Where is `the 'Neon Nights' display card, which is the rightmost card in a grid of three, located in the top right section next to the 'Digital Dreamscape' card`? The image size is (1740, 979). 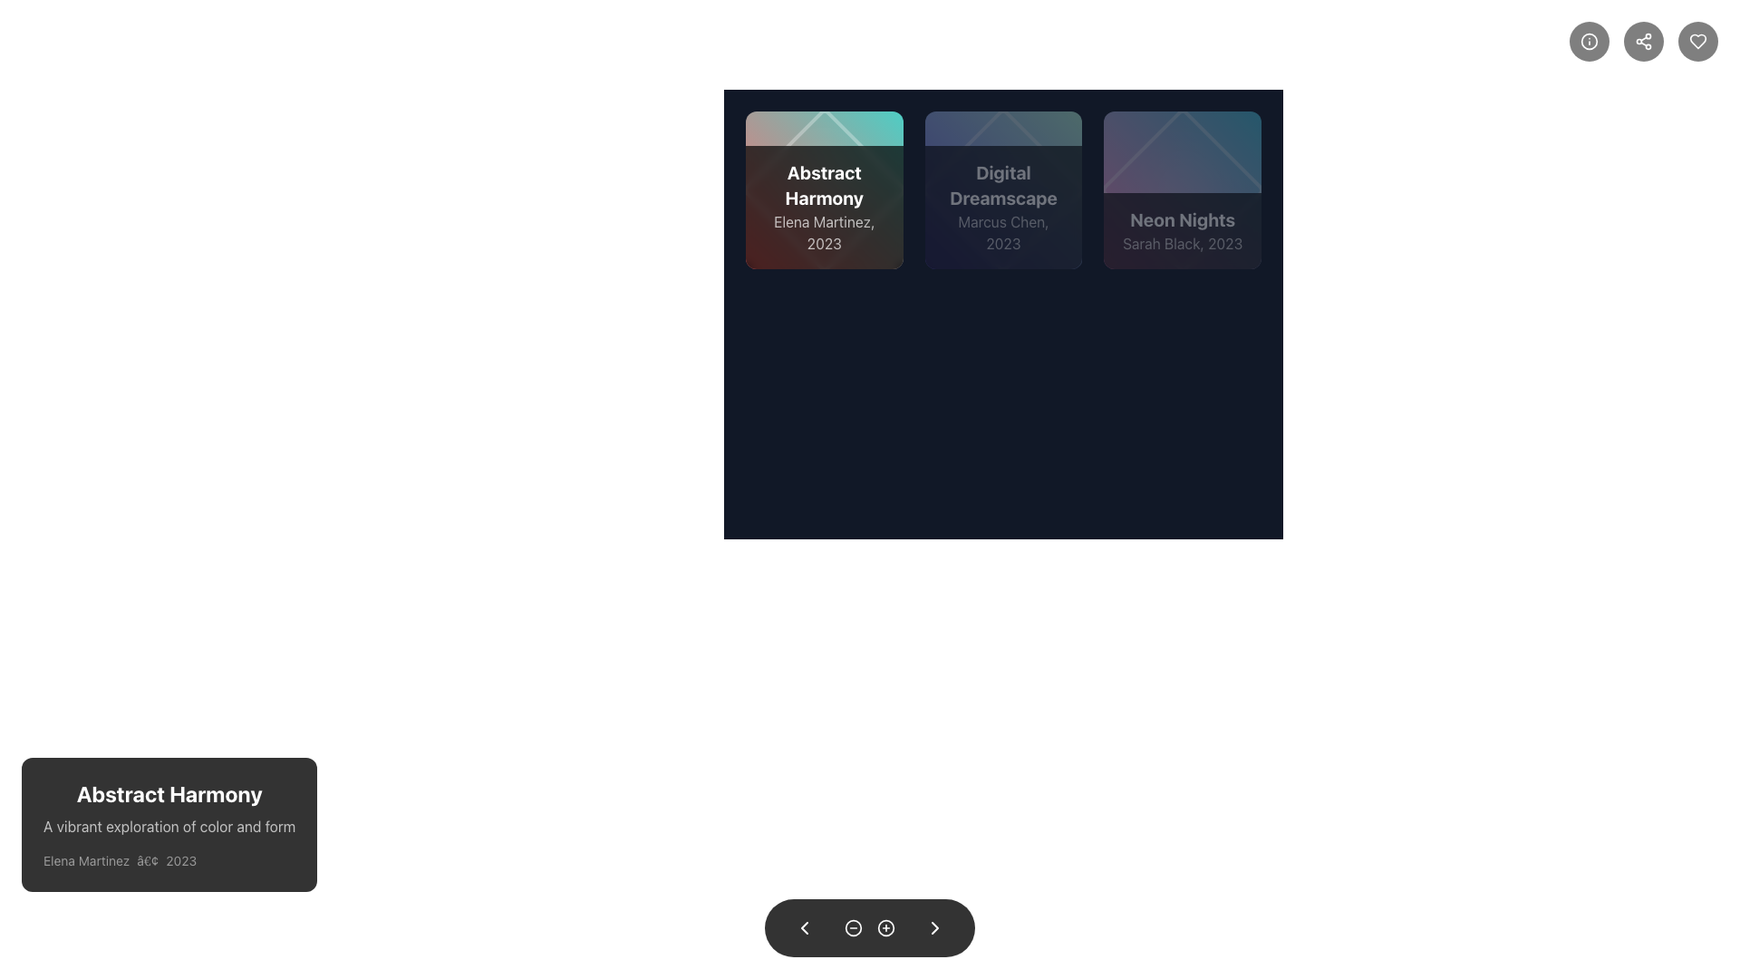 the 'Neon Nights' display card, which is the rightmost card in a grid of three, located in the top right section next to the 'Digital Dreamscape' card is located at coordinates (1183, 189).